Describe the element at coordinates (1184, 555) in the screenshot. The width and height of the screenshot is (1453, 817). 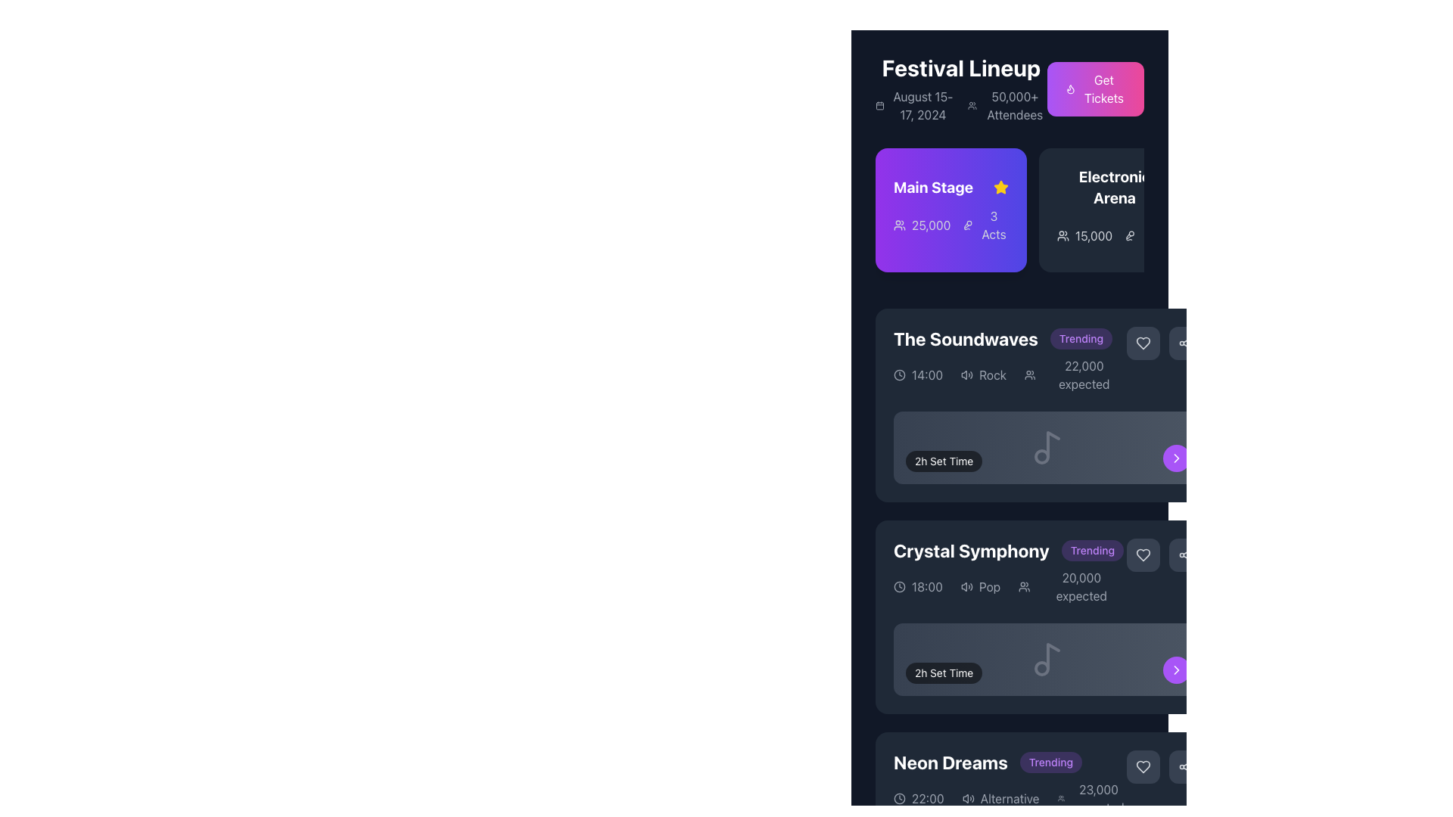
I see `the sharing icon located in the top-right corner of the 'Crystal Symphony' card` at that location.